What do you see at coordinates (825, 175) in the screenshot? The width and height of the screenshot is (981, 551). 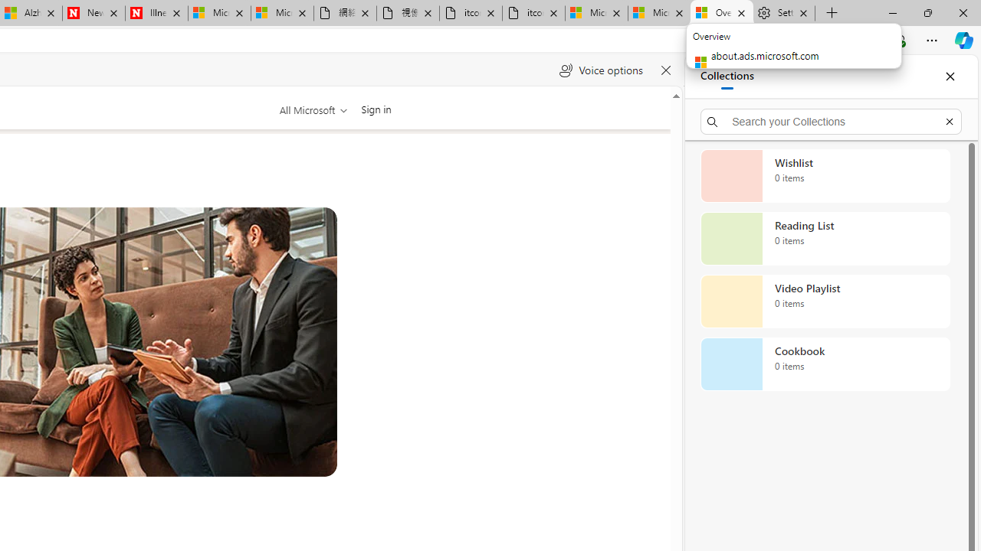 I see `'Wishlist collection, 0 items'` at bounding box center [825, 175].